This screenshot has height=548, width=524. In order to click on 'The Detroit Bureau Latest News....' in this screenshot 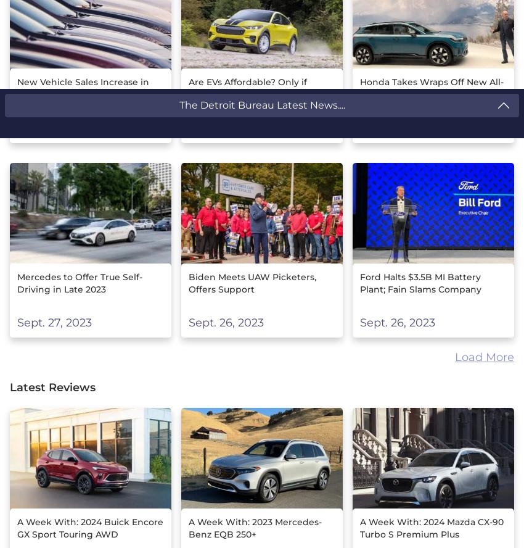, I will do `click(261, 104)`.